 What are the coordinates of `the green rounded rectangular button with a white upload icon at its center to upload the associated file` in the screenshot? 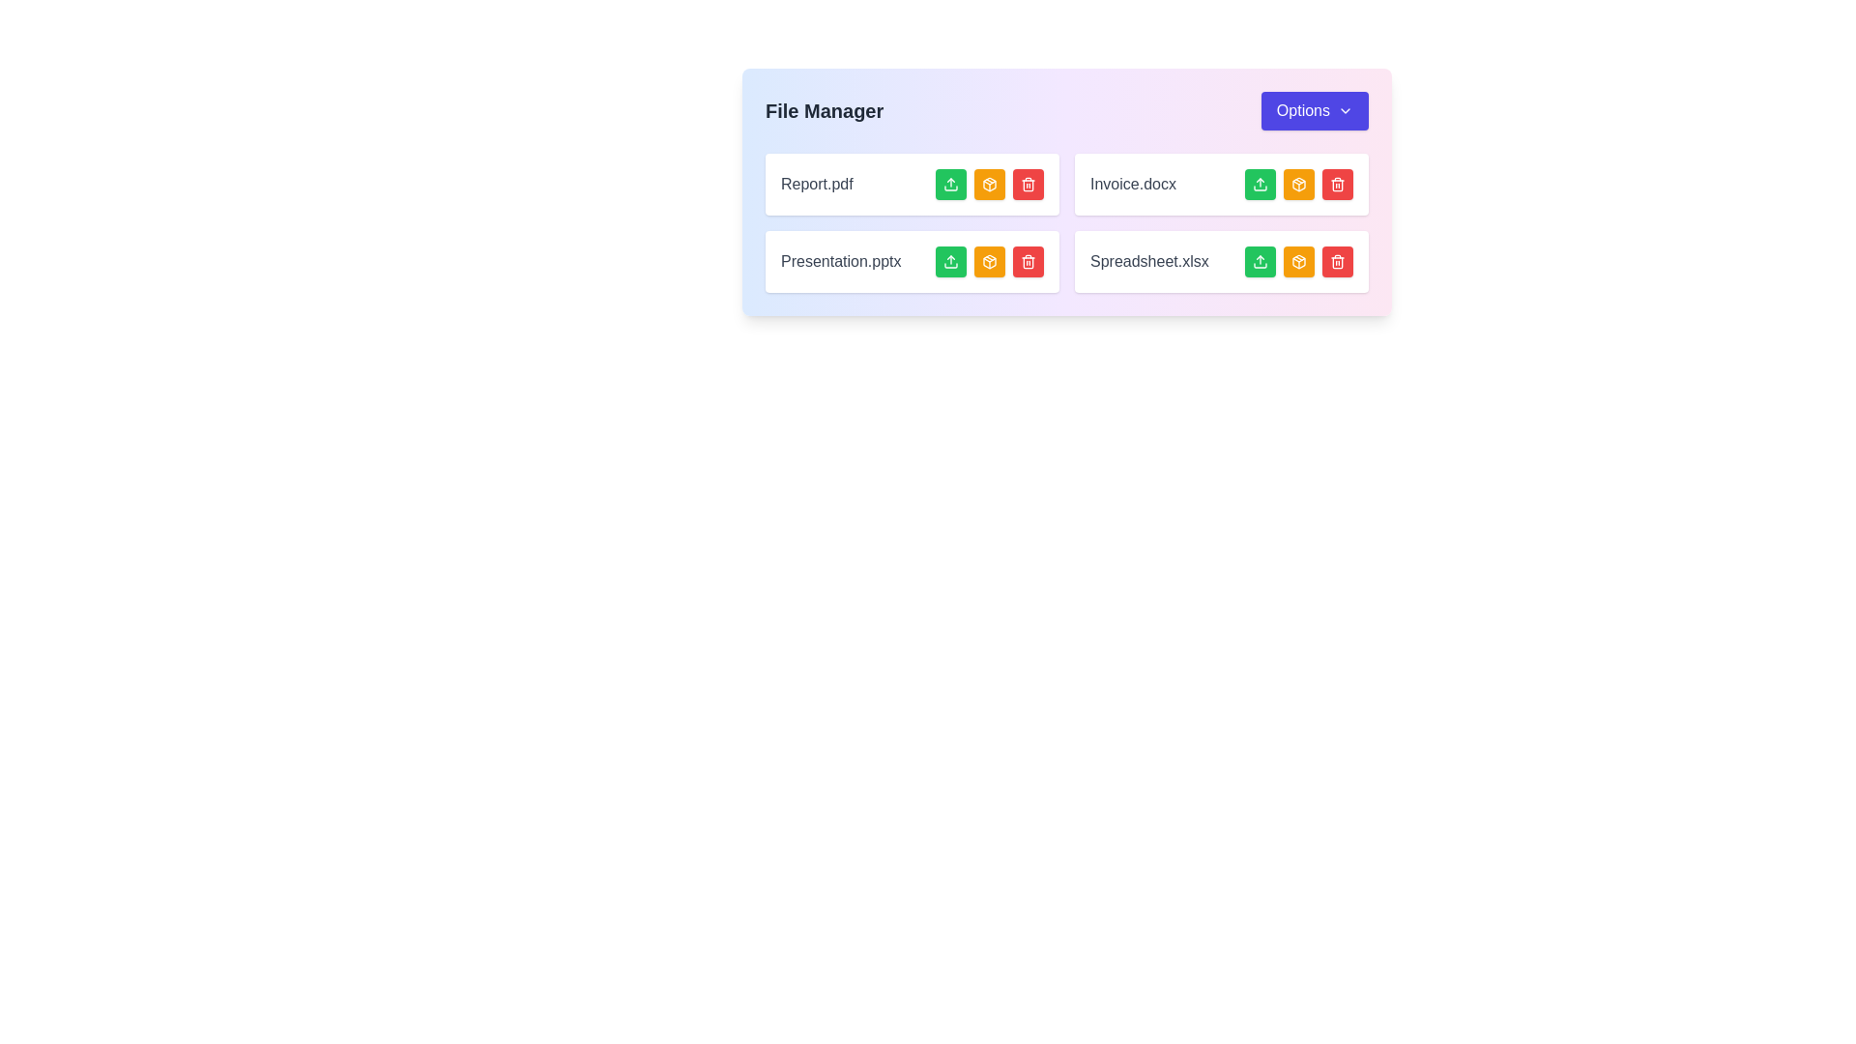 It's located at (1261, 261).